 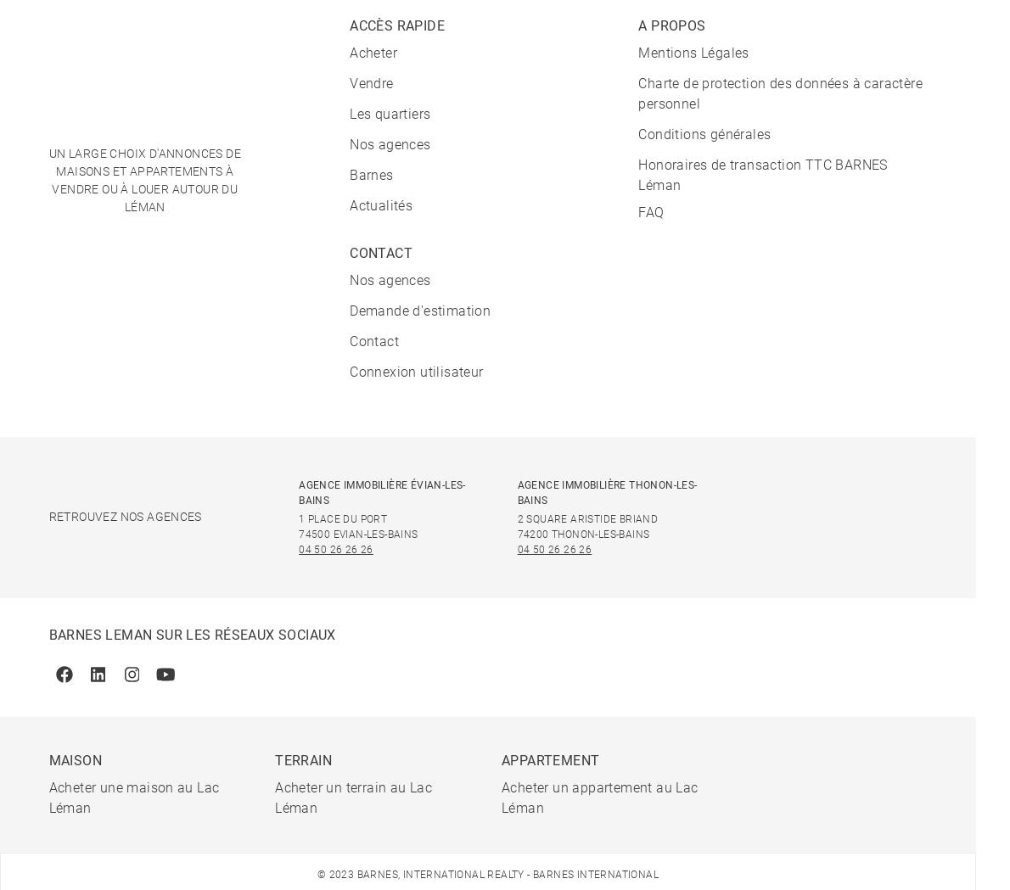 I want to click on '74500 Evian-Les-Bains', so click(x=357, y=533).